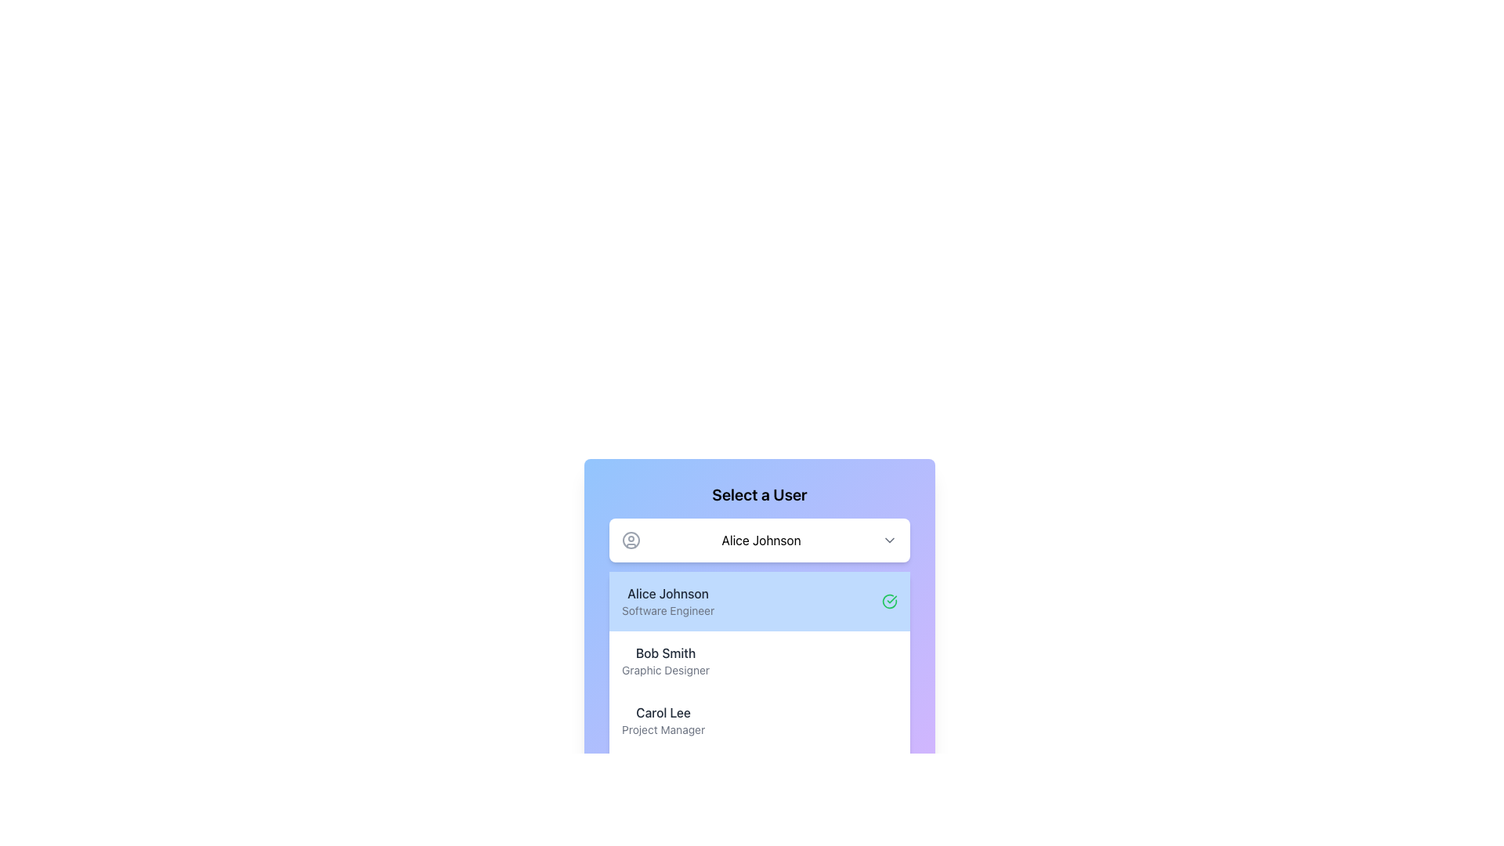 The width and height of the screenshot is (1504, 846). Describe the element at coordinates (761, 540) in the screenshot. I see `the static text label displaying 'Alice Johnson', which is located between an avatar icon on the left and a downward arrow icon on the right` at that location.